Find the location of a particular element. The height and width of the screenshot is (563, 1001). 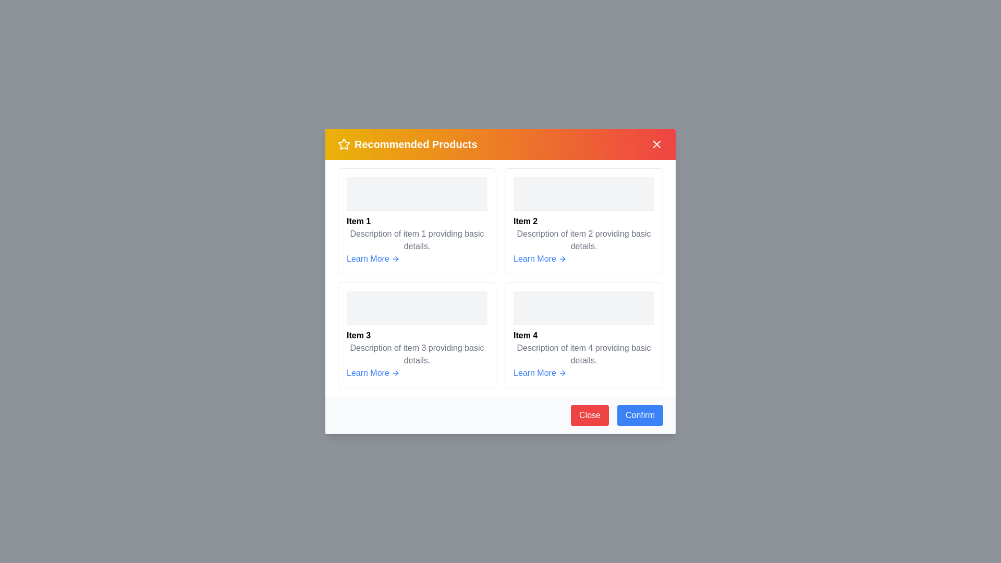

the 'Learn More' link for item 4 is located at coordinates (540, 373).